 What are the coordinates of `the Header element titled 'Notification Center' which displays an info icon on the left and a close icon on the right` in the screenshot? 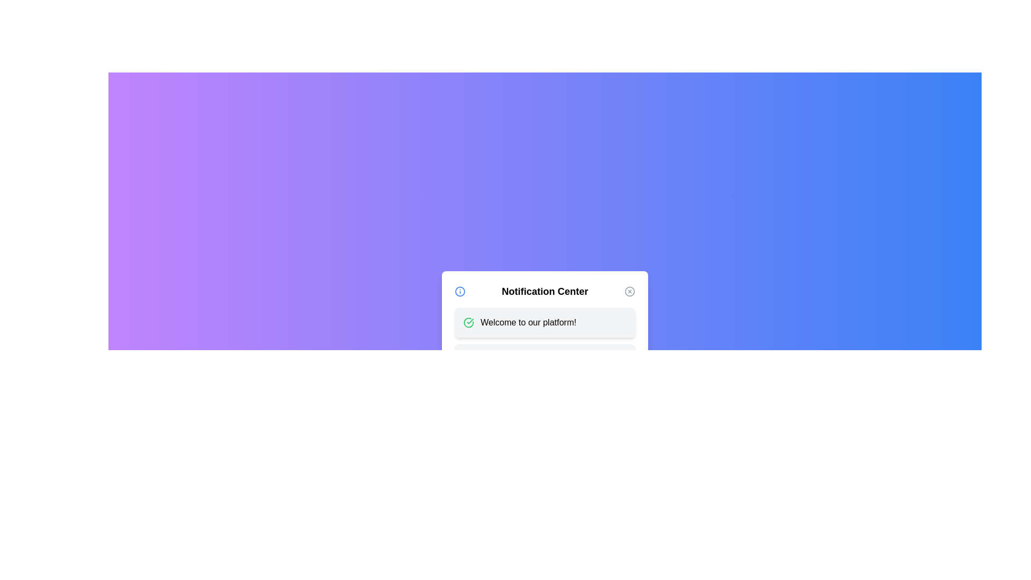 It's located at (544, 292).